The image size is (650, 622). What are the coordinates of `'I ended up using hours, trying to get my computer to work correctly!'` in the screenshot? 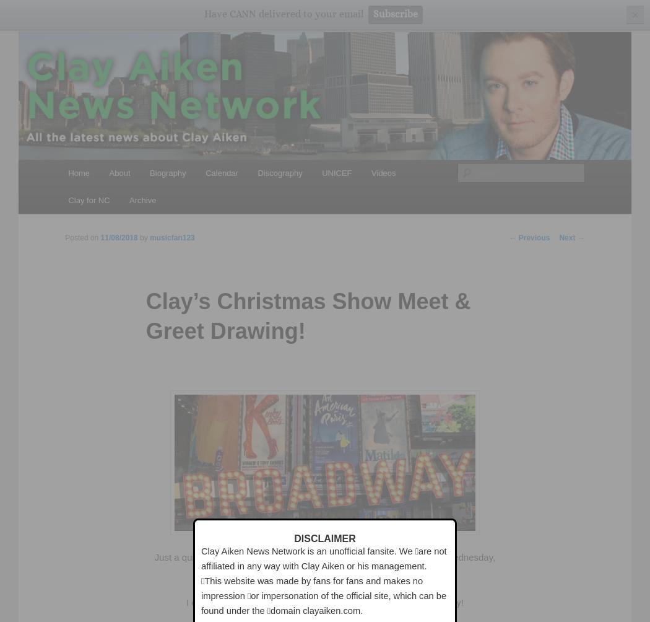 It's located at (324, 602).